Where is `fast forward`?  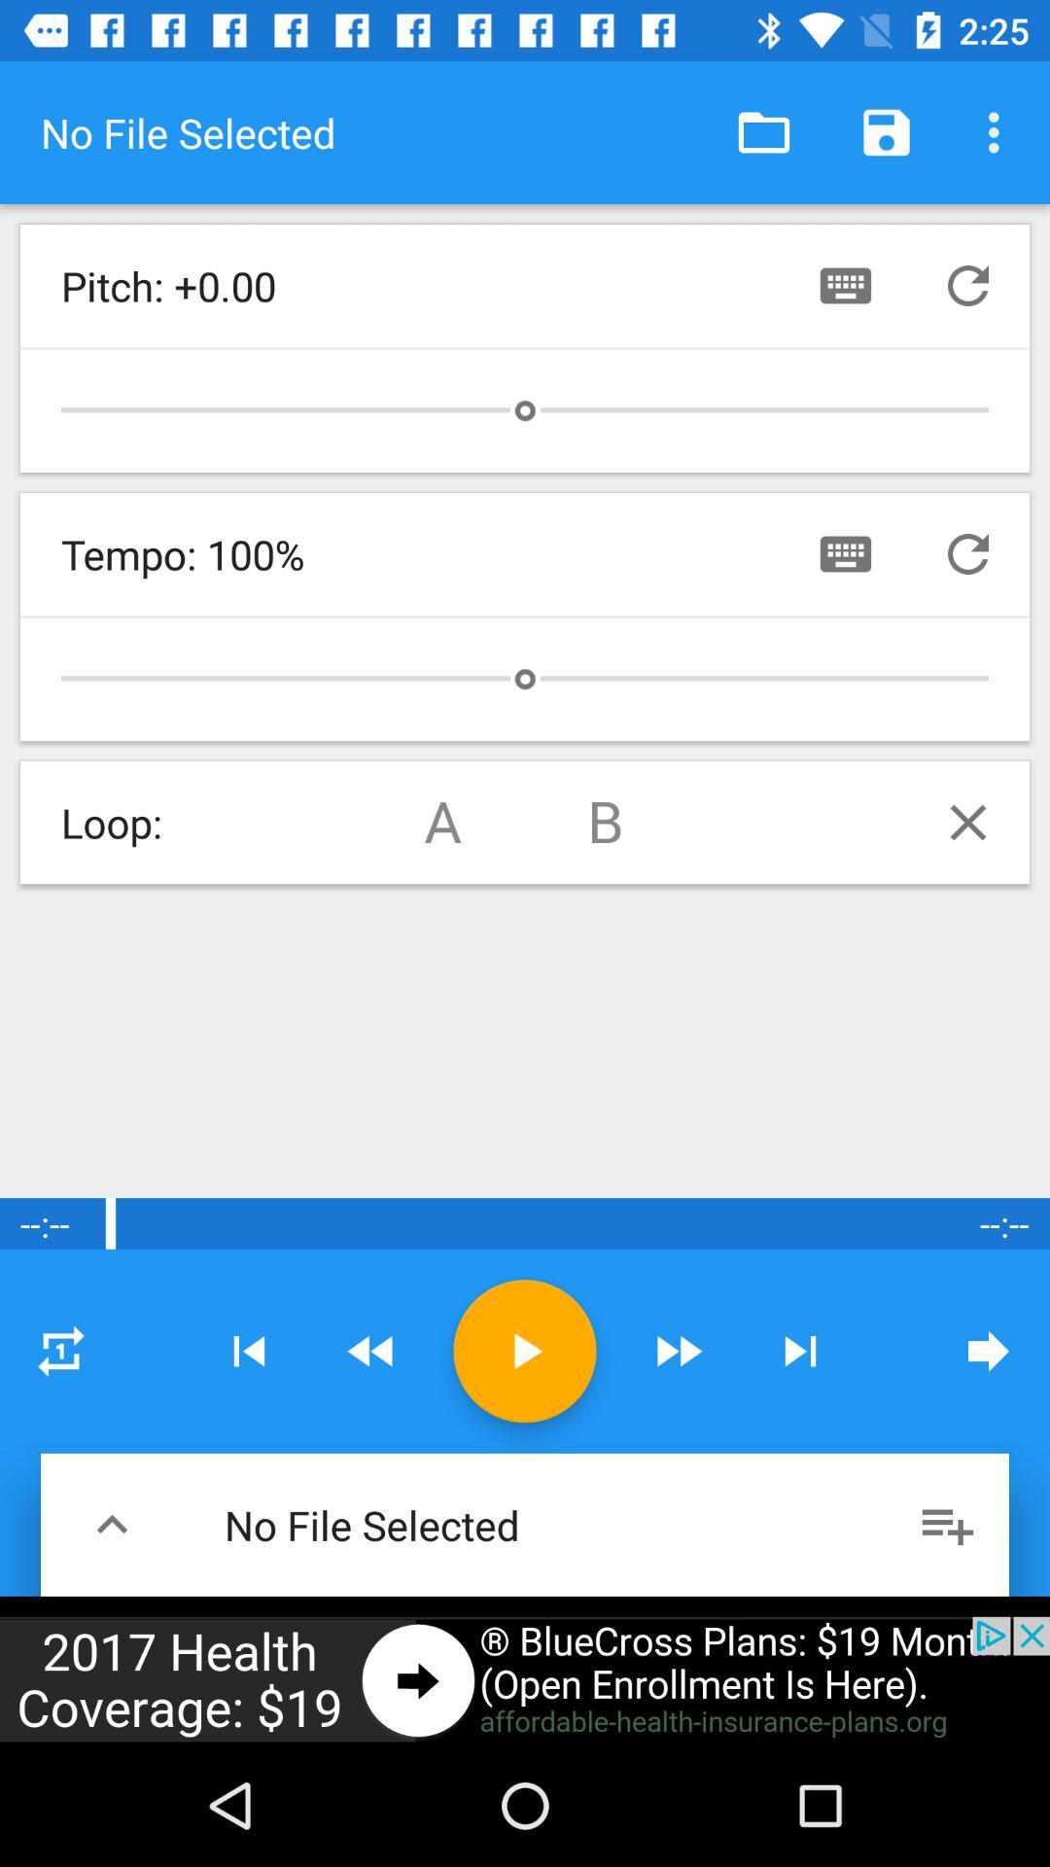
fast forward is located at coordinates (677, 1350).